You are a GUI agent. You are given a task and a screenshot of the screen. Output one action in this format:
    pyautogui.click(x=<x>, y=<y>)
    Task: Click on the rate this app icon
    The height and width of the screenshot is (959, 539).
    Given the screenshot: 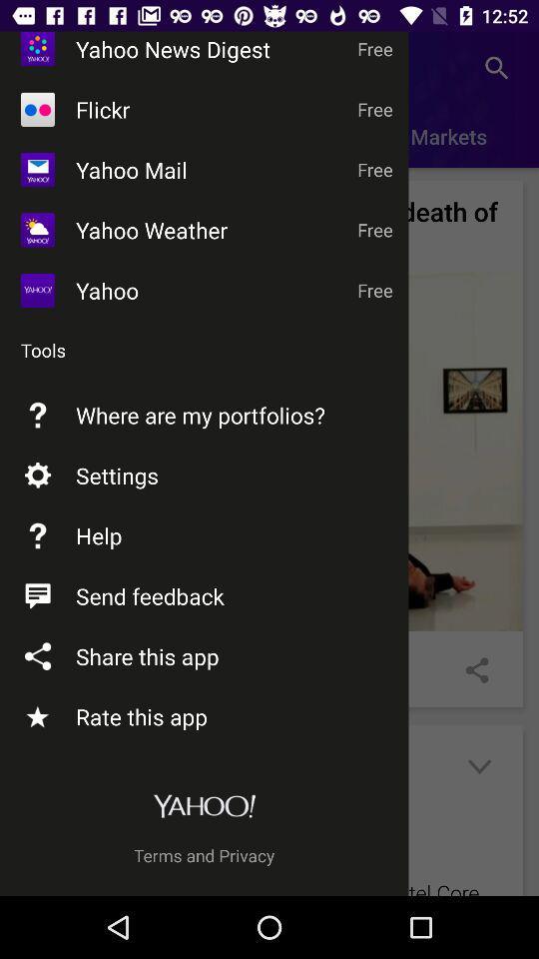 What is the action you would take?
    pyautogui.click(x=38, y=716)
    